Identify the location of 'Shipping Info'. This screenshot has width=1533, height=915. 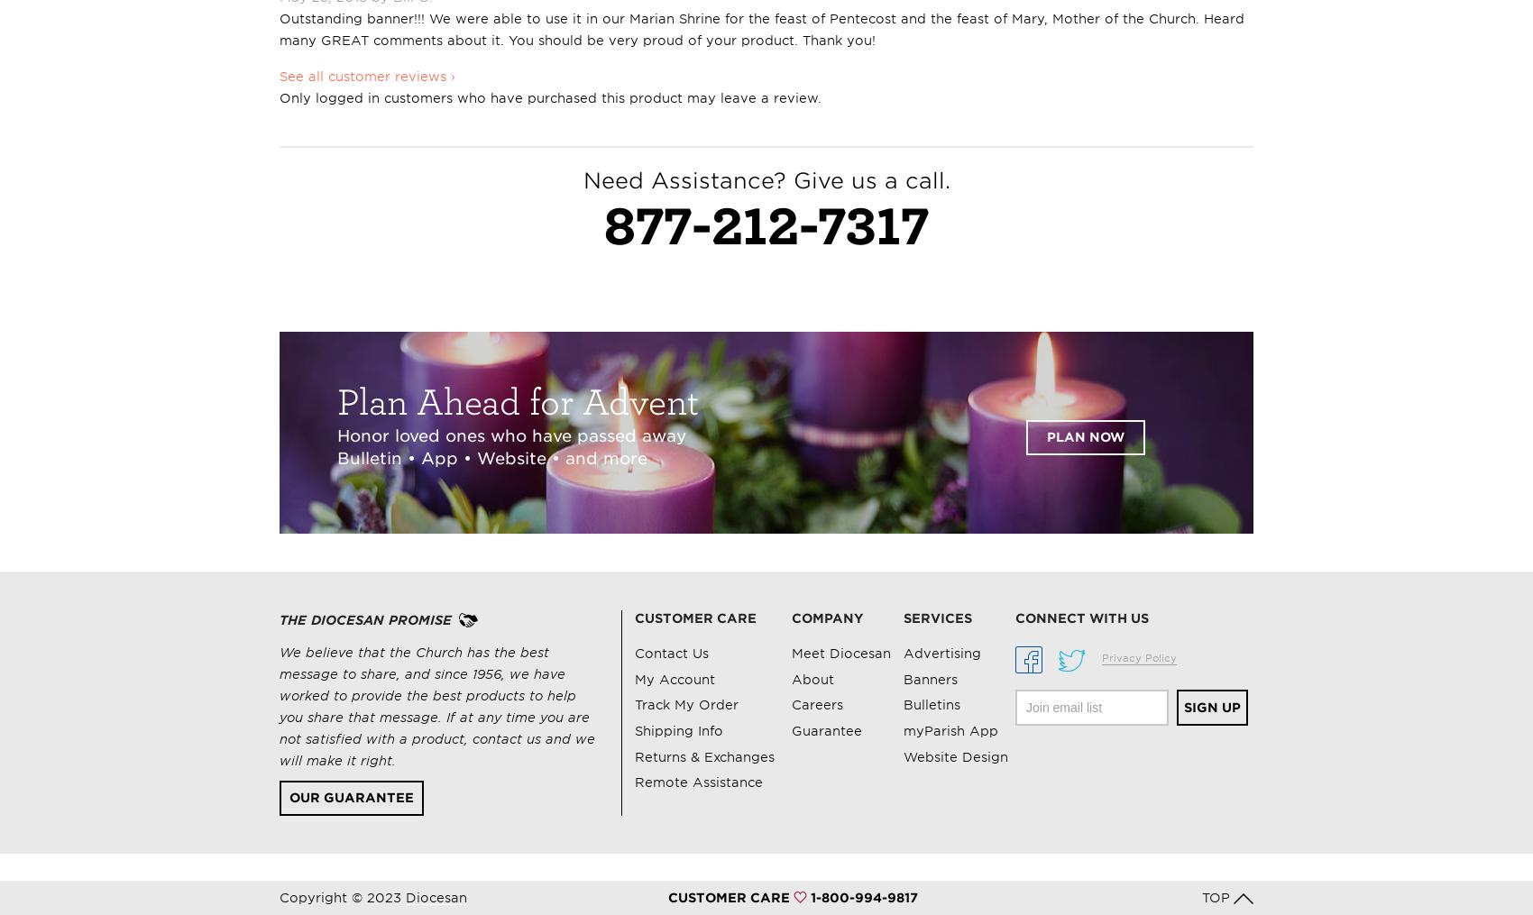
(677, 730).